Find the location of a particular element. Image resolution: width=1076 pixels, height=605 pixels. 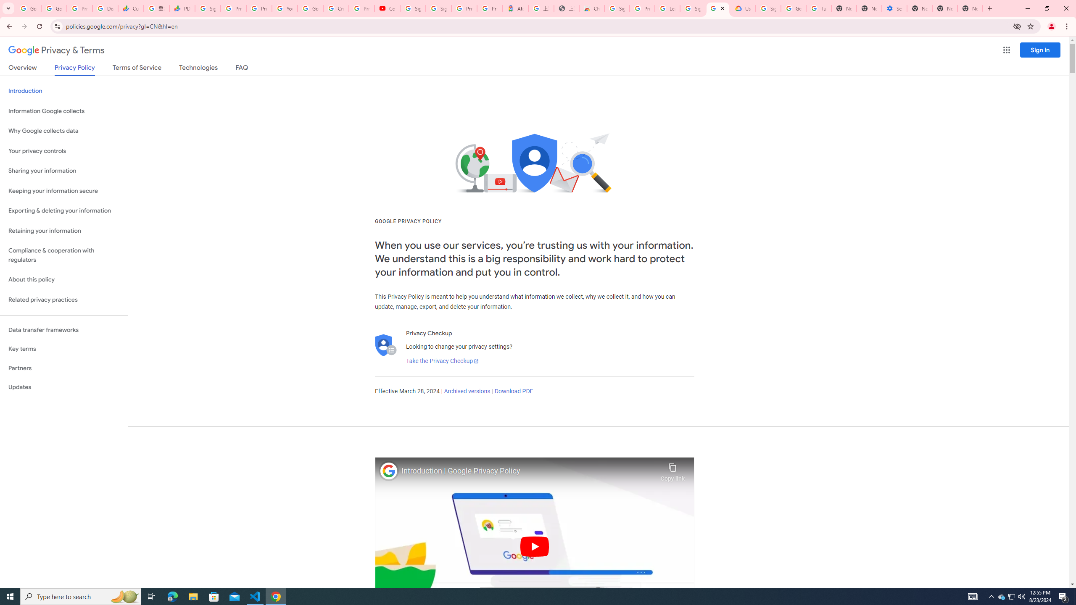

'Sign in - Google Accounts' is located at coordinates (412, 8).